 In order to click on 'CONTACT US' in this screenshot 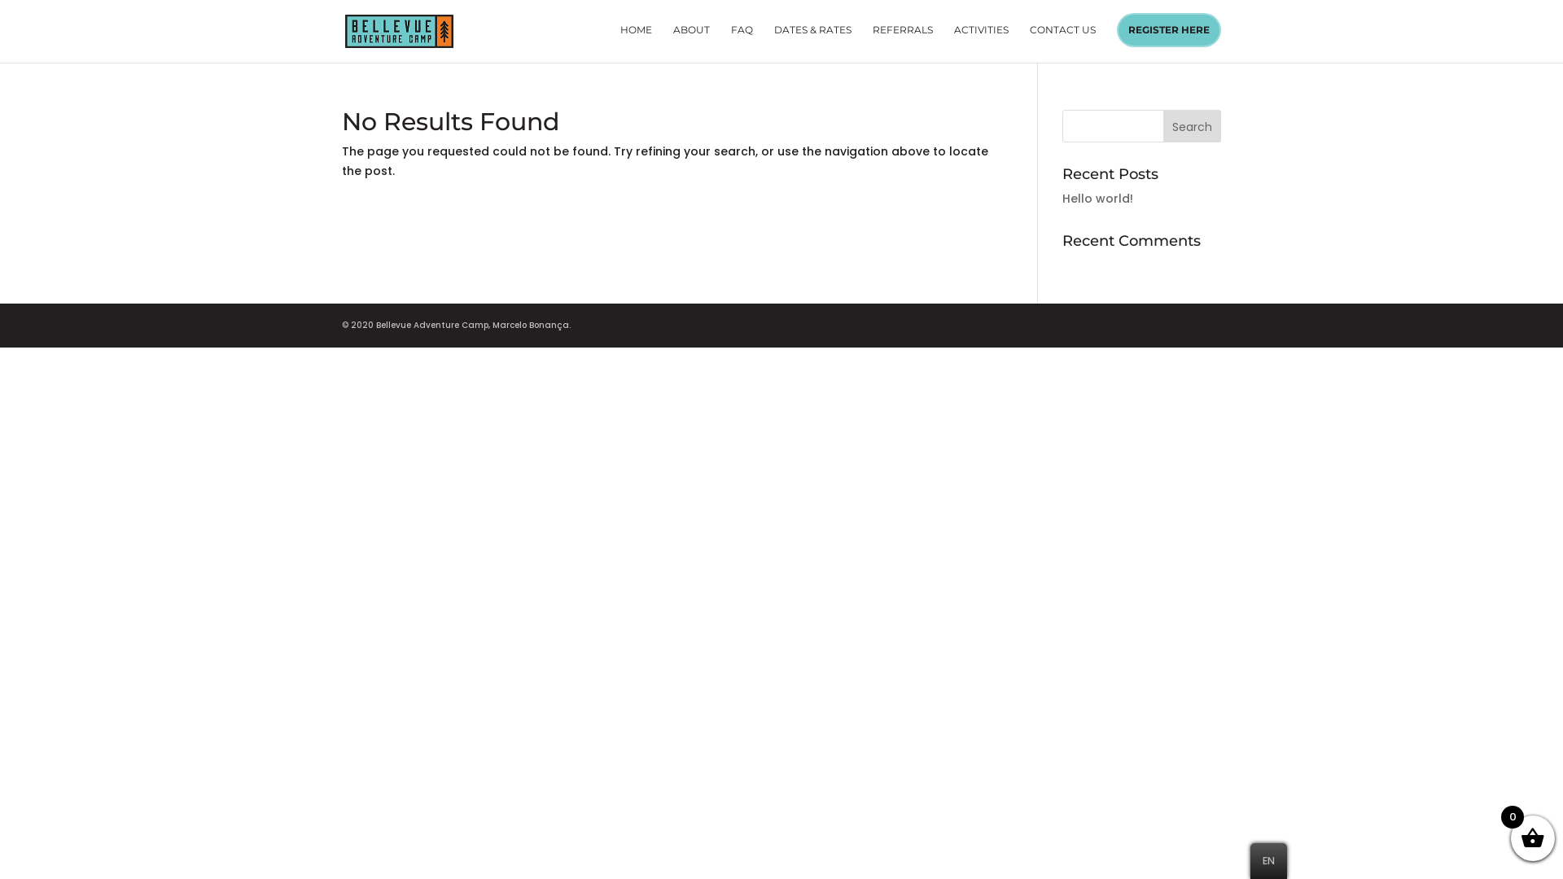, I will do `click(1062, 42)`.